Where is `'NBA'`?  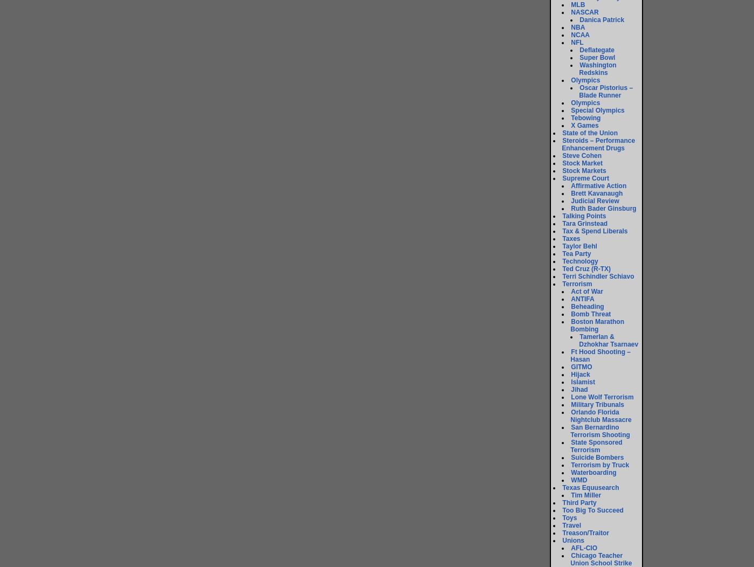 'NBA' is located at coordinates (577, 27).